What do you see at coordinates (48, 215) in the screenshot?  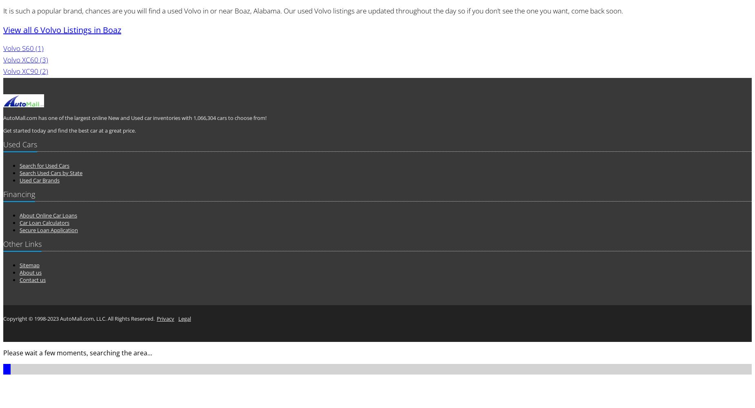 I see `'About Online Car Loans'` at bounding box center [48, 215].